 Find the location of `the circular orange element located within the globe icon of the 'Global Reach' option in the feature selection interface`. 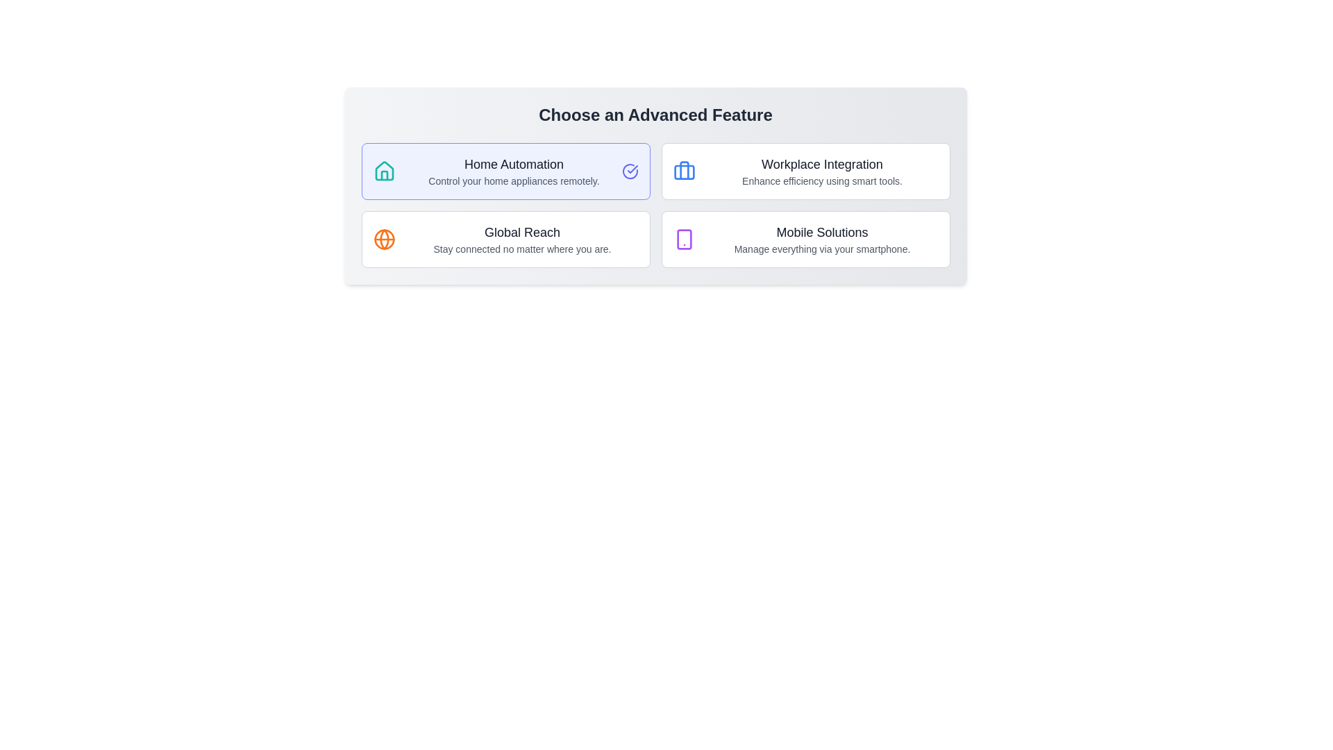

the circular orange element located within the globe icon of the 'Global Reach' option in the feature selection interface is located at coordinates (384, 238).